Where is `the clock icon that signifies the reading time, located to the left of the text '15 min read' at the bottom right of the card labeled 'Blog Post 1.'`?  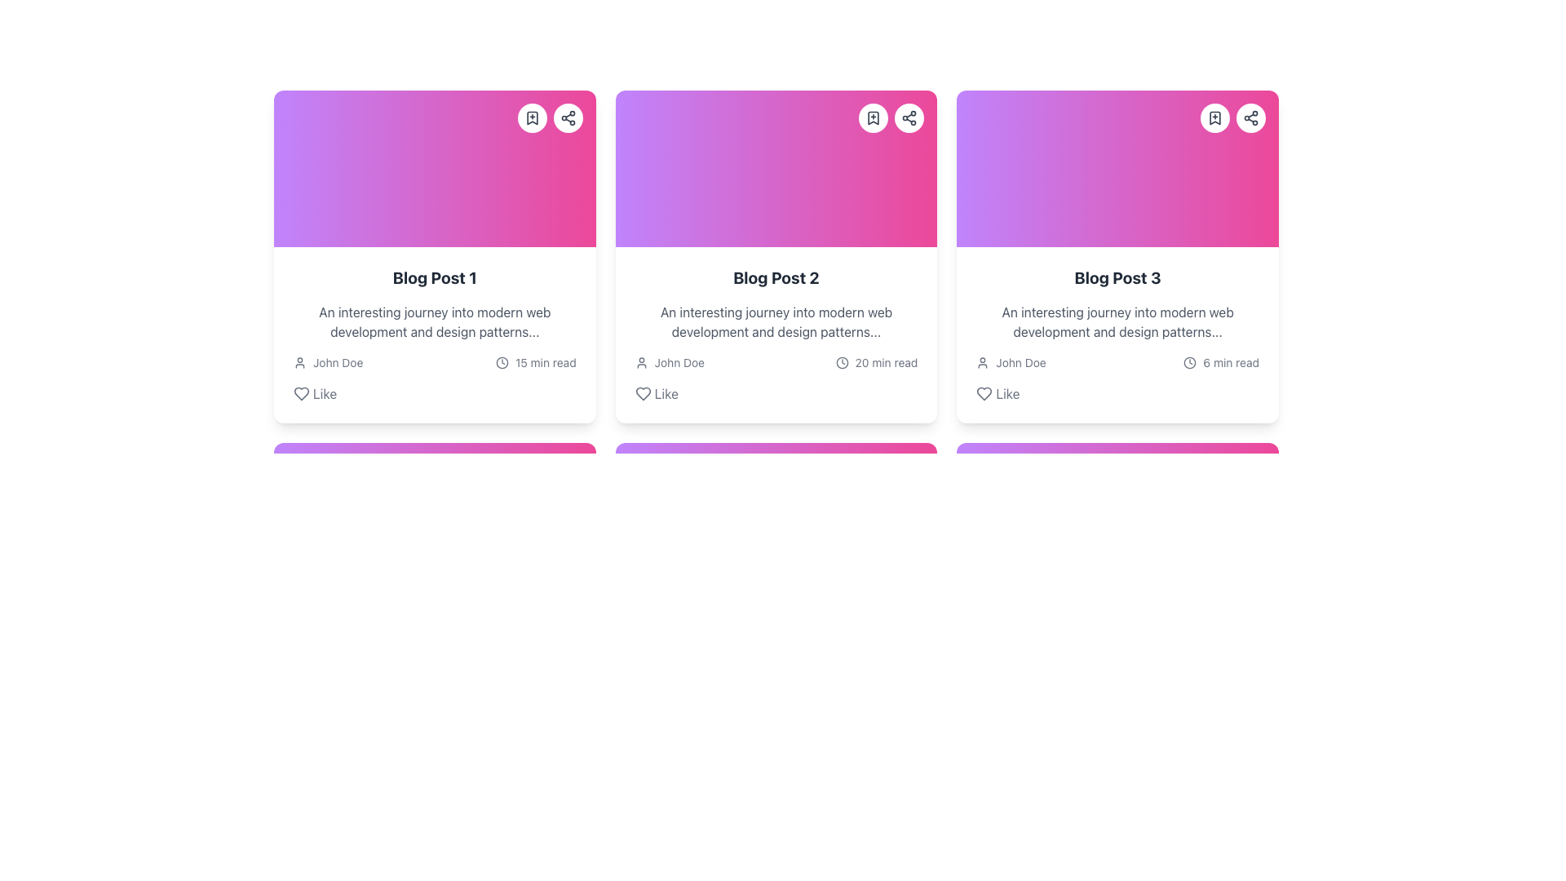 the clock icon that signifies the reading time, located to the left of the text '15 min read' at the bottom right of the card labeled 'Blog Post 1.' is located at coordinates (501, 361).